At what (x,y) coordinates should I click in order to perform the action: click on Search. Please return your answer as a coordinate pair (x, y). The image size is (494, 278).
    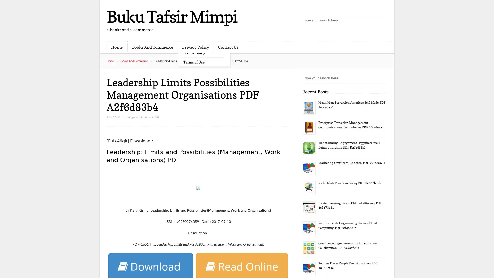
    Looking at the image, I should click on (382, 78).